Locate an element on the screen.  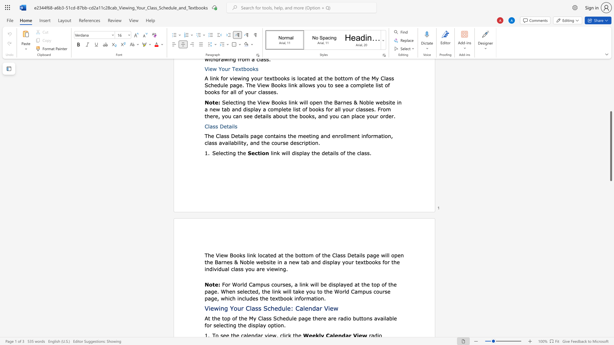
the scrollbar on the right to shift the page higher is located at coordinates (610, 76).